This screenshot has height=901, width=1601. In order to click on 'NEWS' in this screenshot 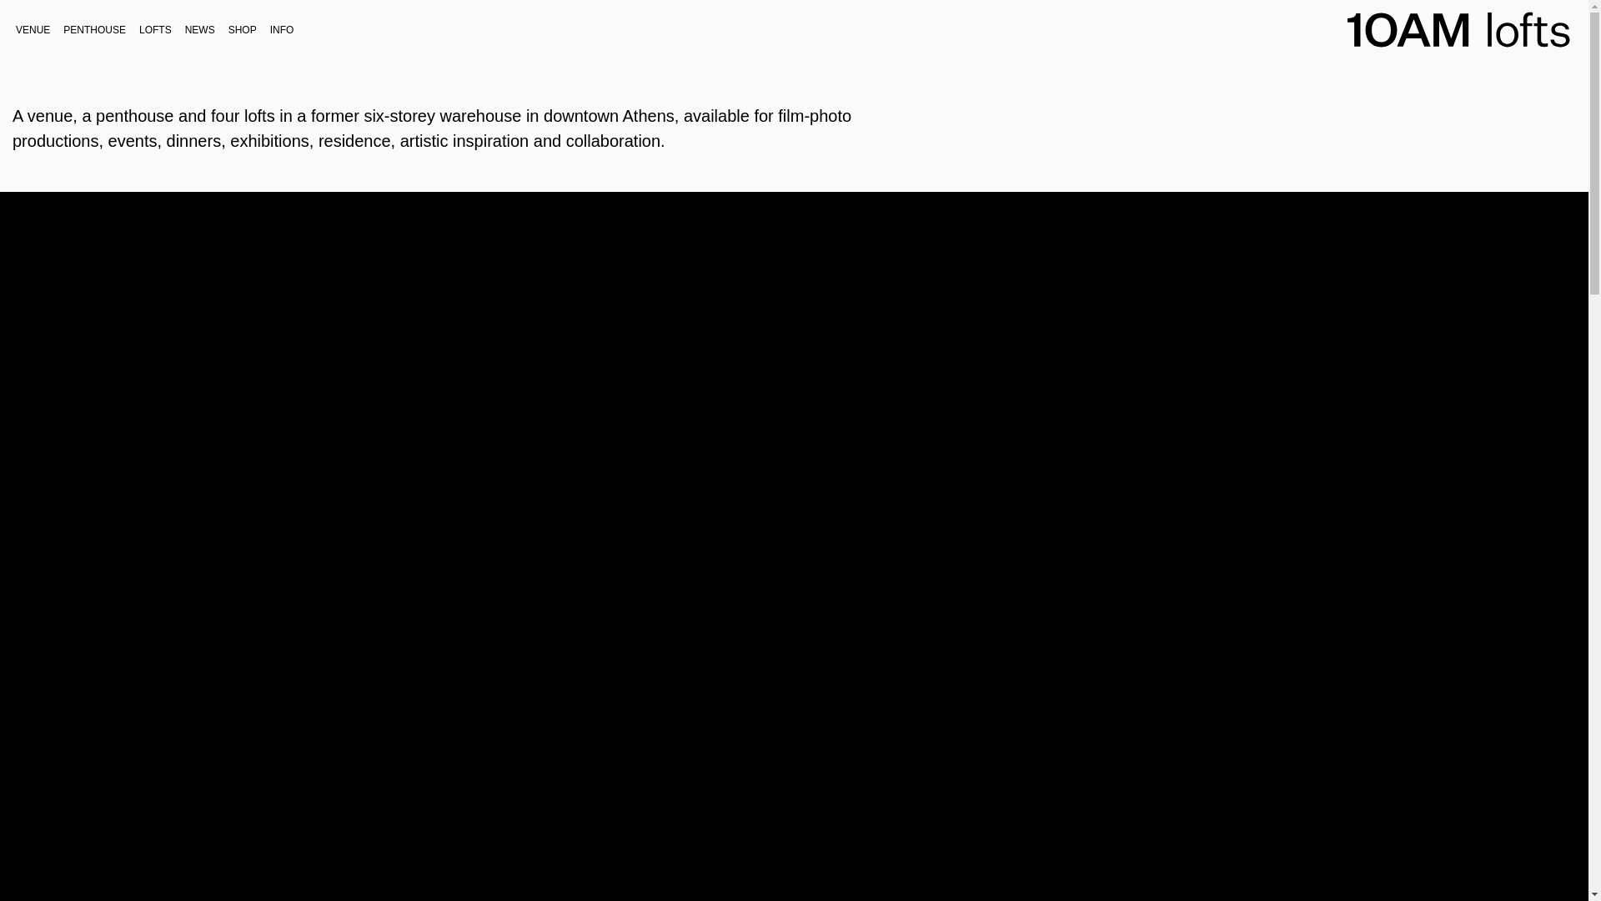, I will do `click(200, 28)`.